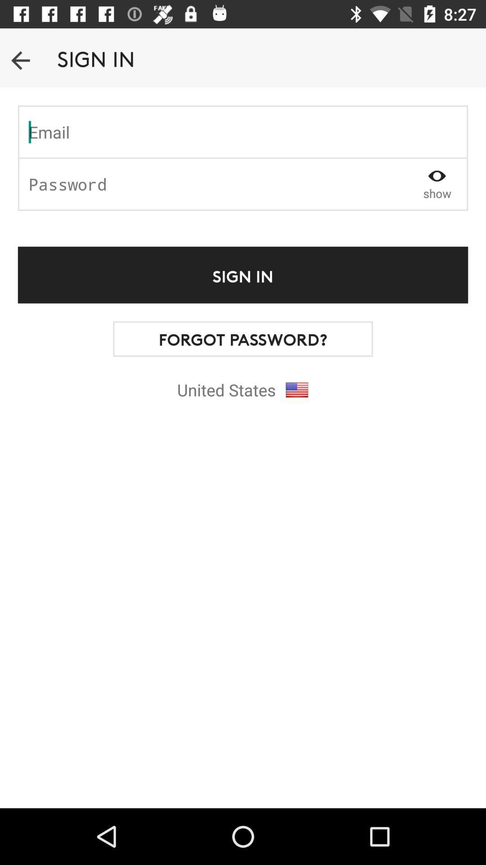 This screenshot has height=865, width=486. I want to click on the text right to password filling option, so click(436, 183).